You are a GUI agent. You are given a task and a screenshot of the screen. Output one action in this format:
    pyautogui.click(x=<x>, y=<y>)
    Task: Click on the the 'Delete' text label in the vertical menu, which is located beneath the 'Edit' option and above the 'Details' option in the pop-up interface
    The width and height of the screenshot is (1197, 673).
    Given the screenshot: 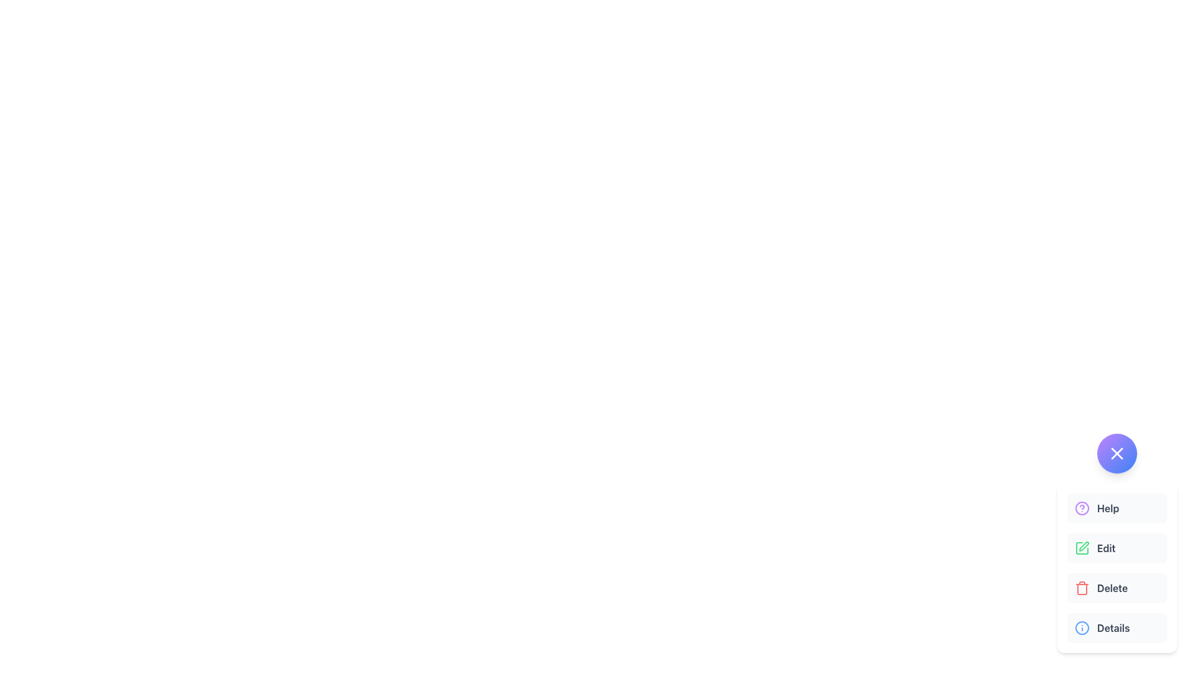 What is the action you would take?
    pyautogui.click(x=1112, y=588)
    